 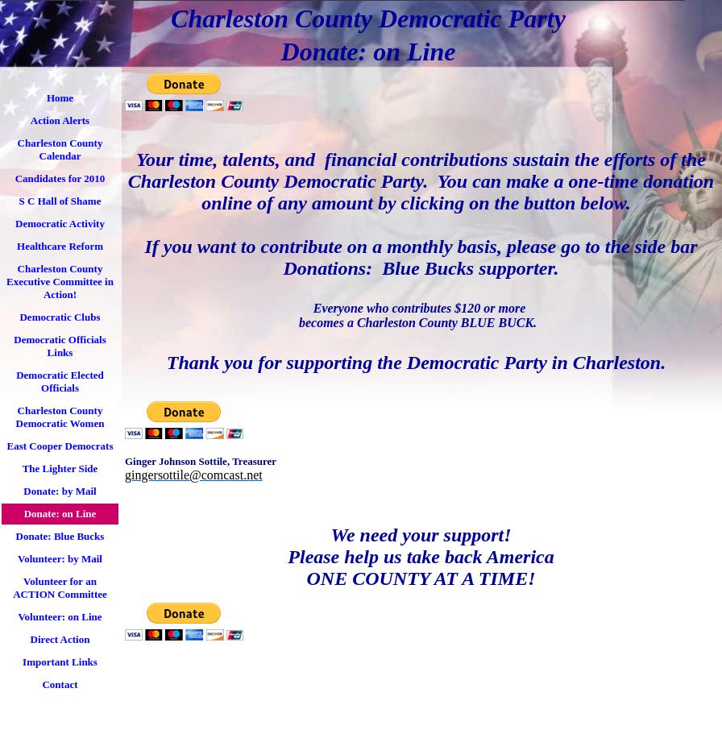 What do you see at coordinates (60, 280) in the screenshot?
I see `'Charleston County Executive Committee  in Action!'` at bounding box center [60, 280].